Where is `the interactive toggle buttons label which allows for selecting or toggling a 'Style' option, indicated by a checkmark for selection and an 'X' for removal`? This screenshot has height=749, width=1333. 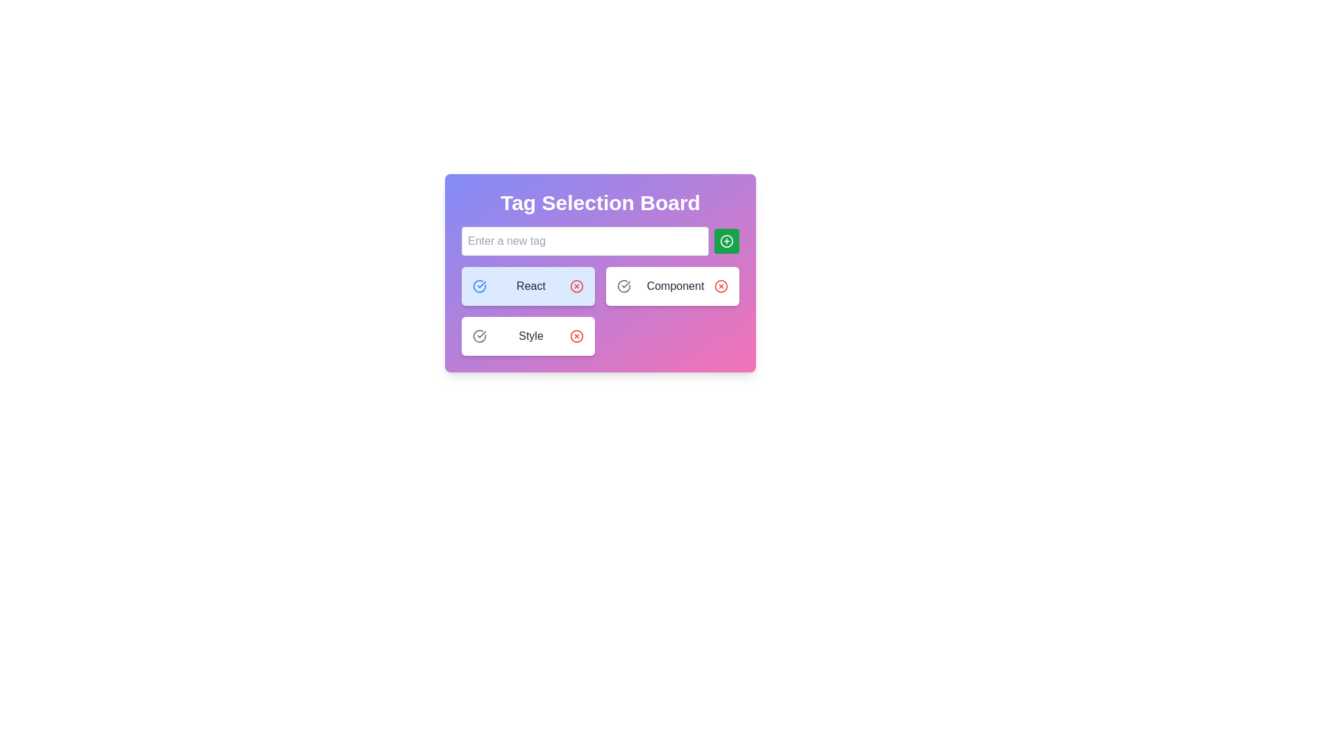
the interactive toggle buttons label which allows for selecting or toggling a 'Style' option, indicated by a checkmark for selection and an 'X' for removal is located at coordinates (528, 336).